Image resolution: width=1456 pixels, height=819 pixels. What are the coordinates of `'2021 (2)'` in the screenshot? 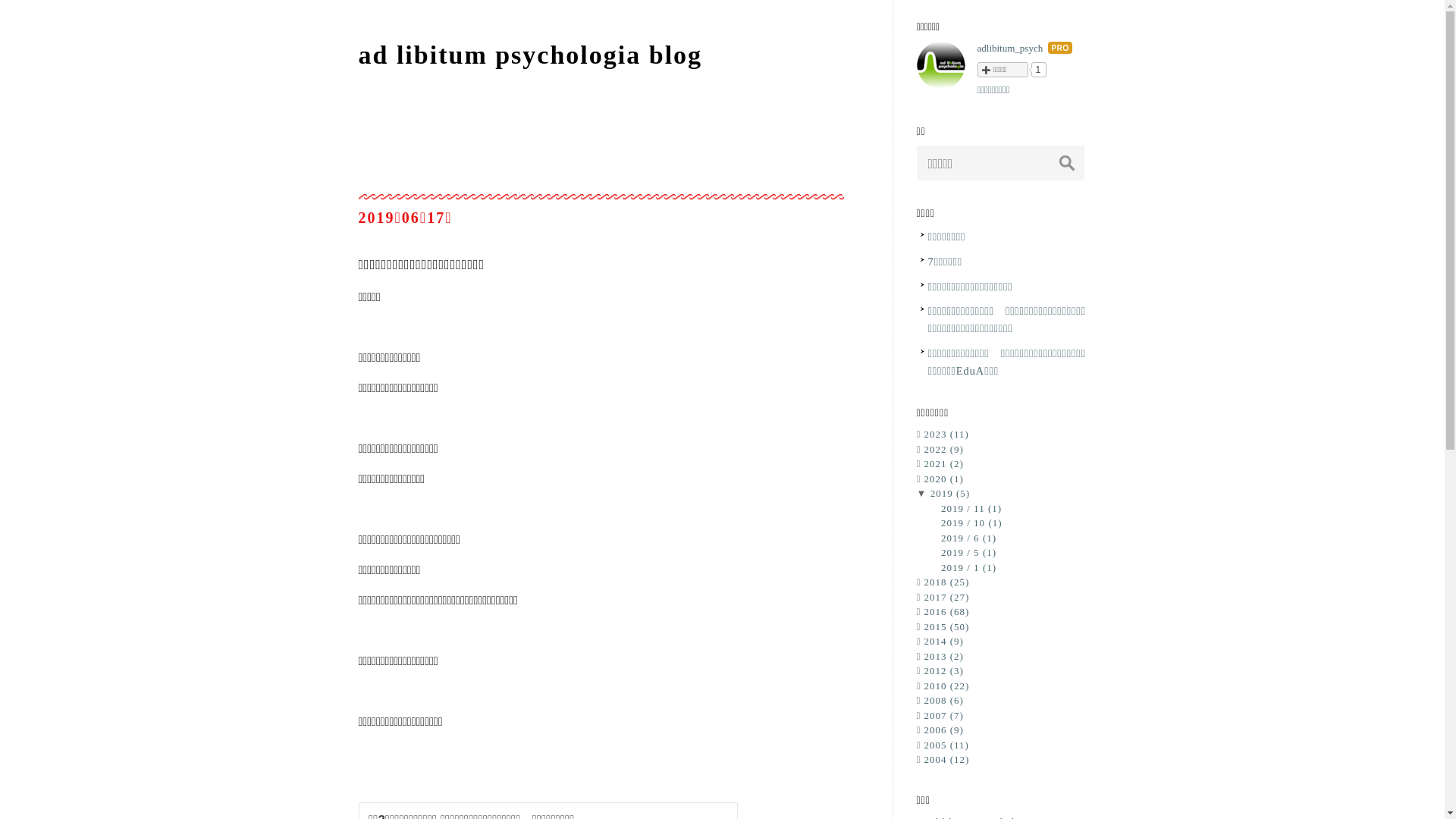 It's located at (923, 463).